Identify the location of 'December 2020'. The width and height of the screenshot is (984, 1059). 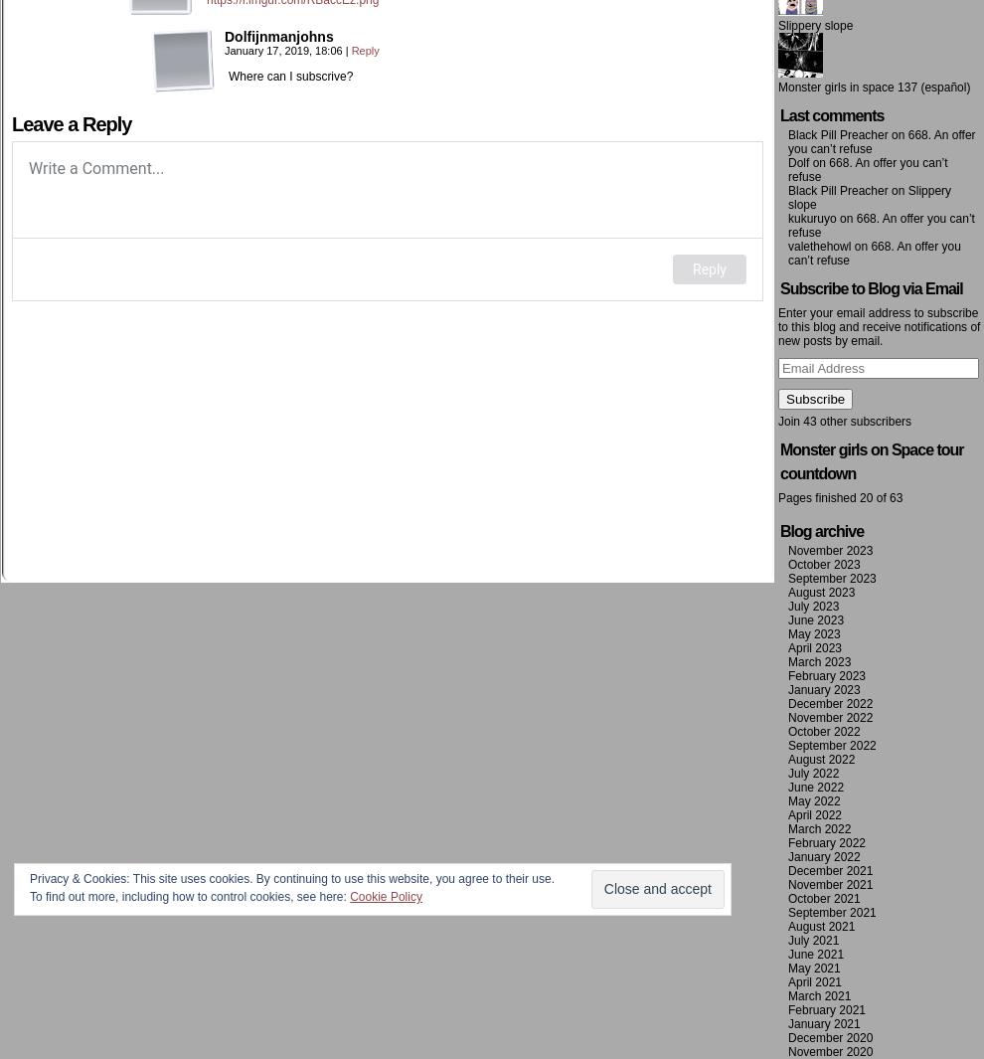
(829, 1038).